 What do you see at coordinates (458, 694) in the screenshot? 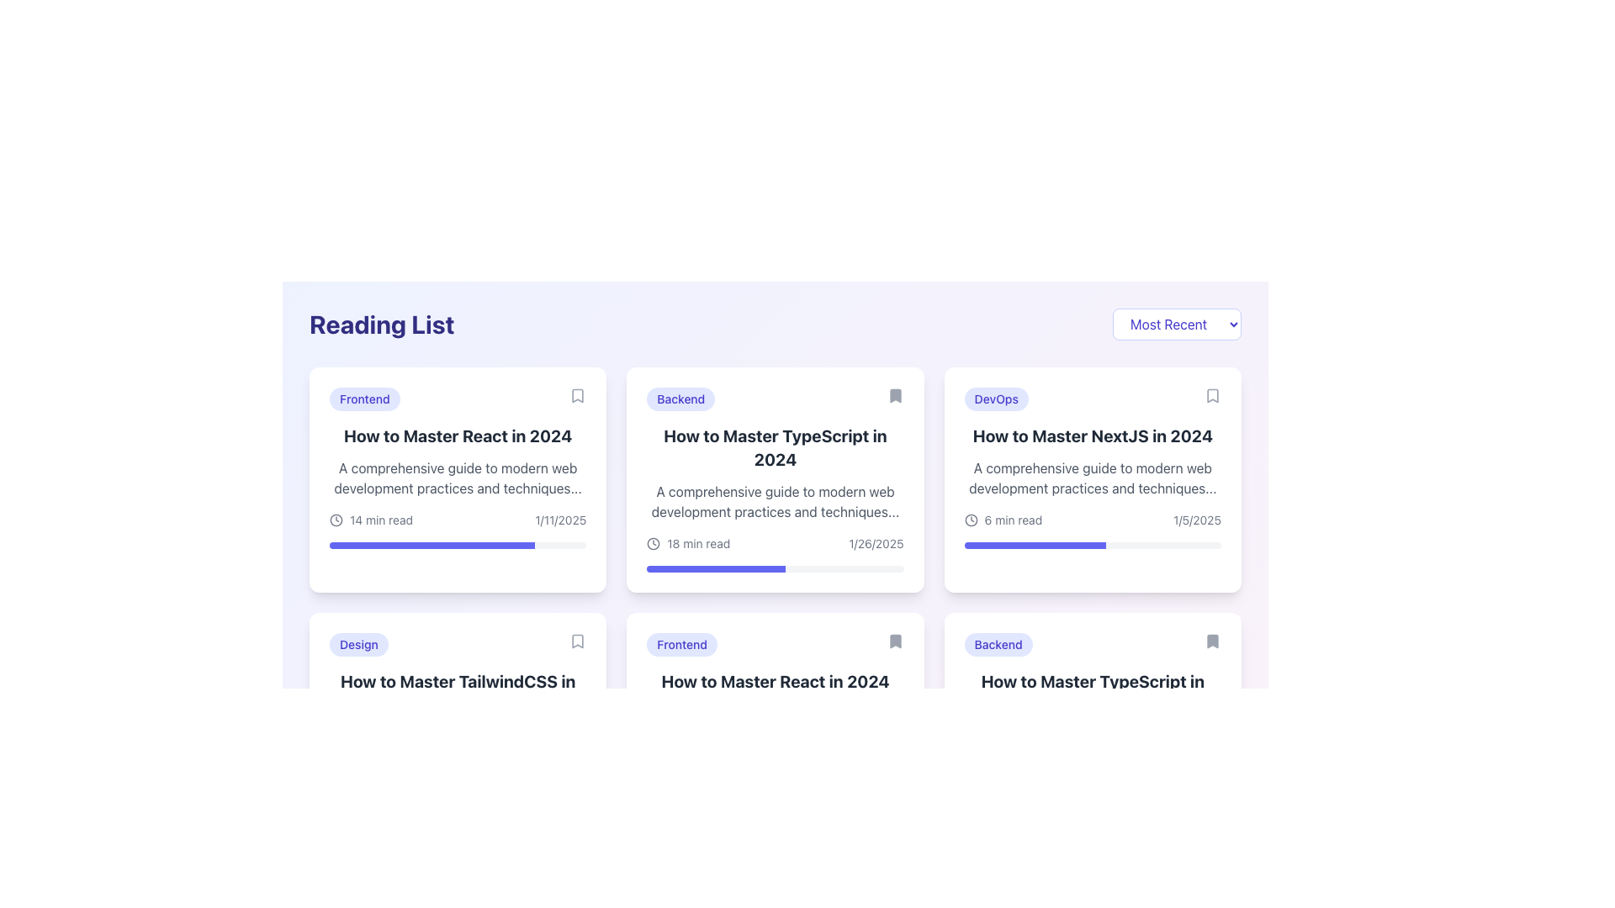
I see `the text block displaying 'How to Master TailwindCSS in 2024'` at bounding box center [458, 694].